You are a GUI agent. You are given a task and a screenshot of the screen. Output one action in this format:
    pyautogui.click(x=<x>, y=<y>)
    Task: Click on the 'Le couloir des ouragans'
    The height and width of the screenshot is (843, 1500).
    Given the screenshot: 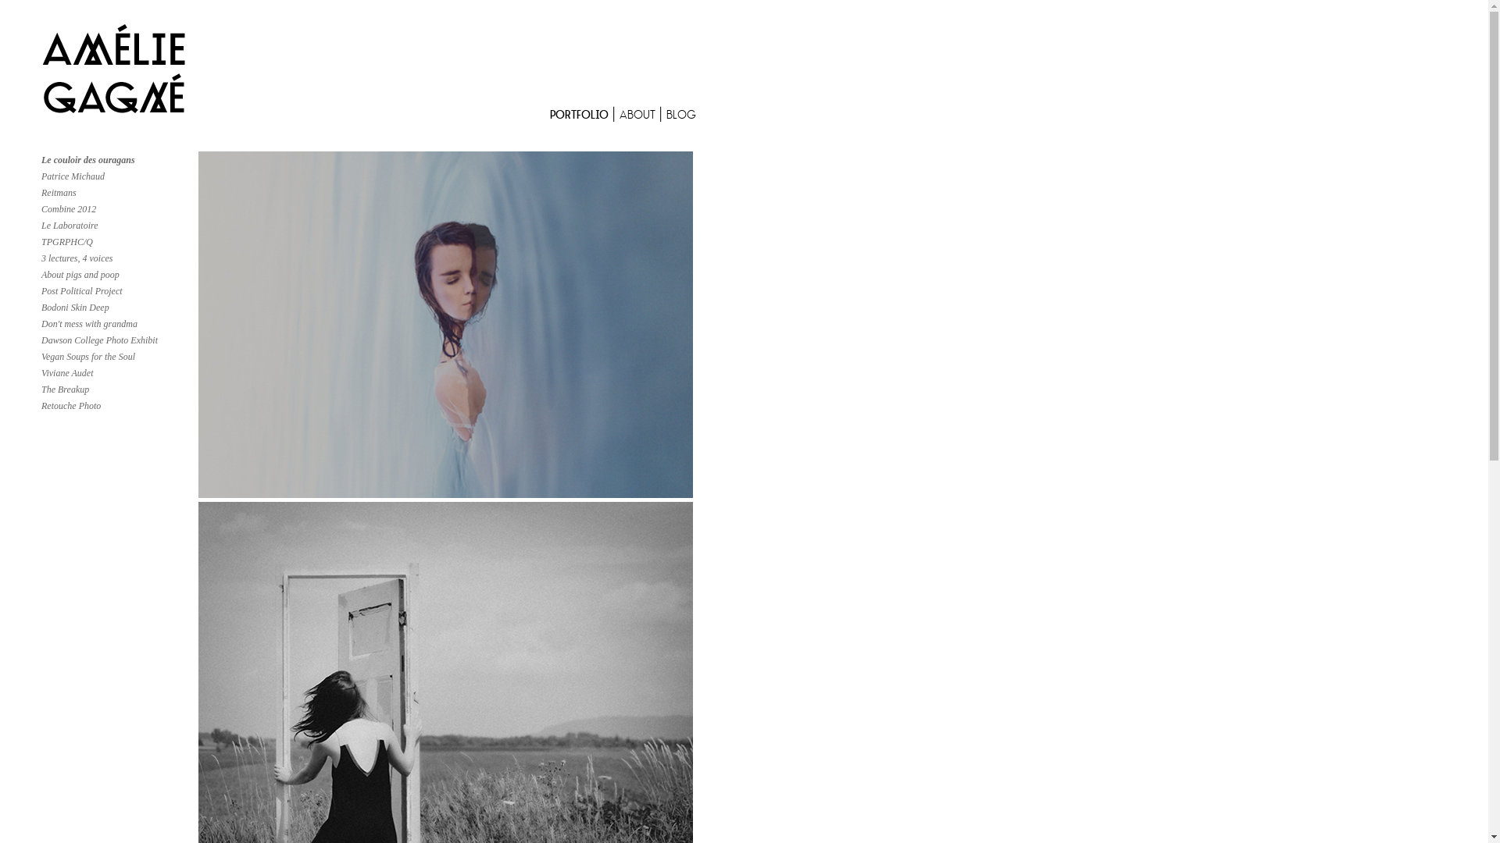 What is the action you would take?
    pyautogui.click(x=87, y=159)
    